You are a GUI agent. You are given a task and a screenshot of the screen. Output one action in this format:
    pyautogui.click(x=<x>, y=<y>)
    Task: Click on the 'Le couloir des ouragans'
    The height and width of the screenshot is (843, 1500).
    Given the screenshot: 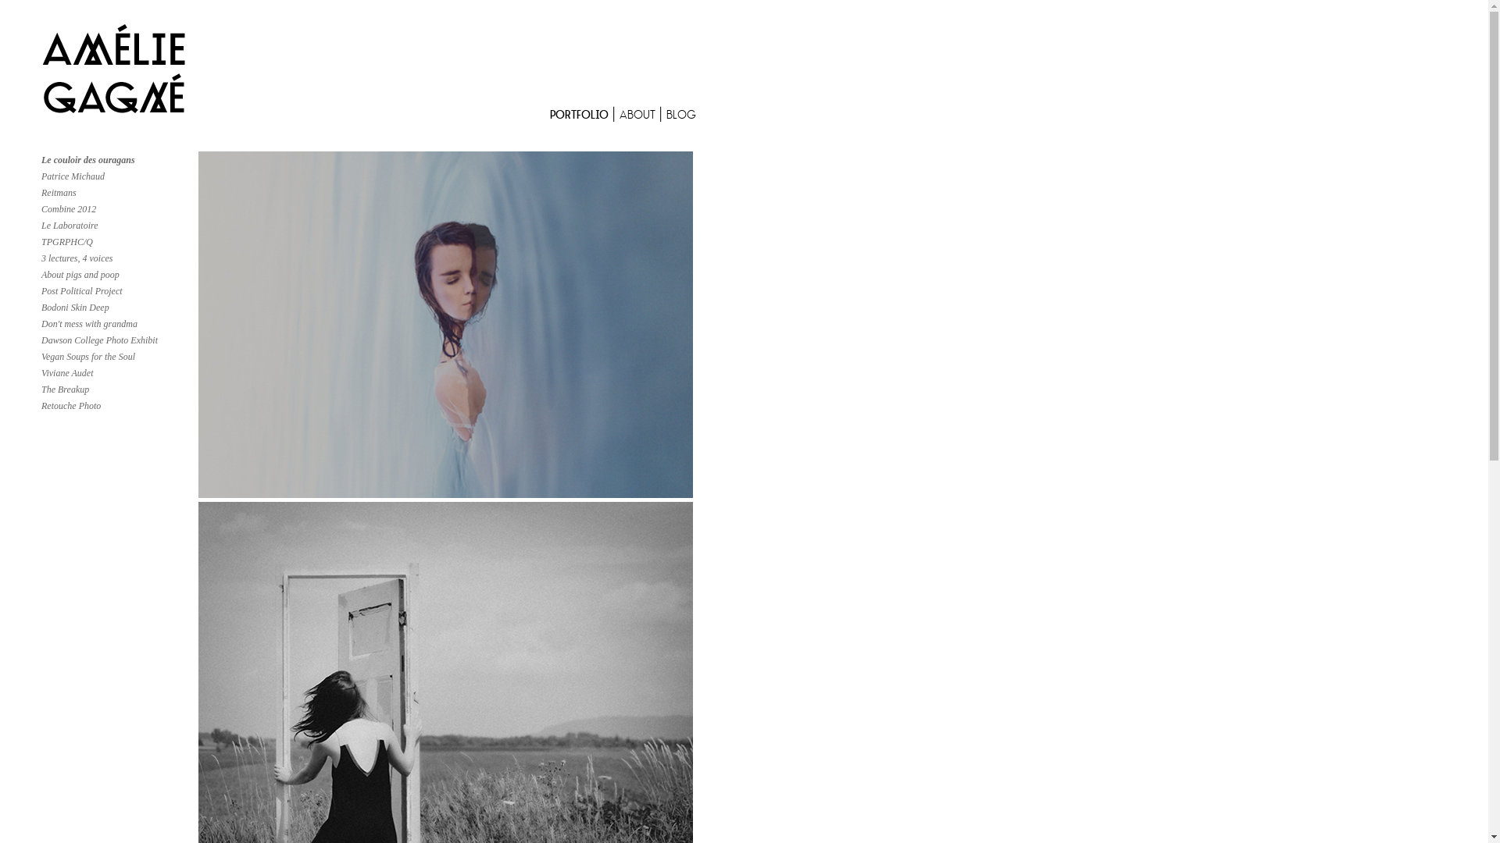 What is the action you would take?
    pyautogui.click(x=87, y=159)
    